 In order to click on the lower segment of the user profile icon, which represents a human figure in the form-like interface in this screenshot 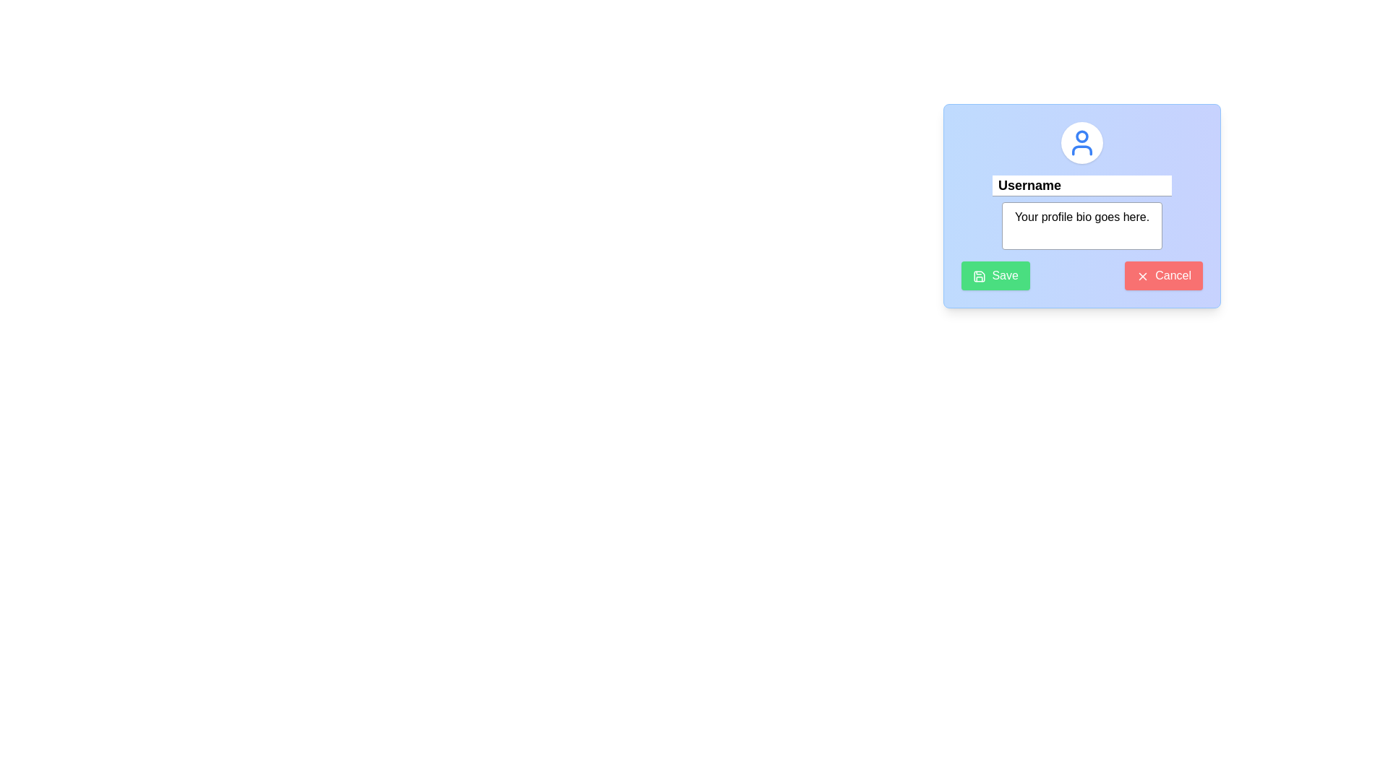, I will do `click(1082, 150)`.